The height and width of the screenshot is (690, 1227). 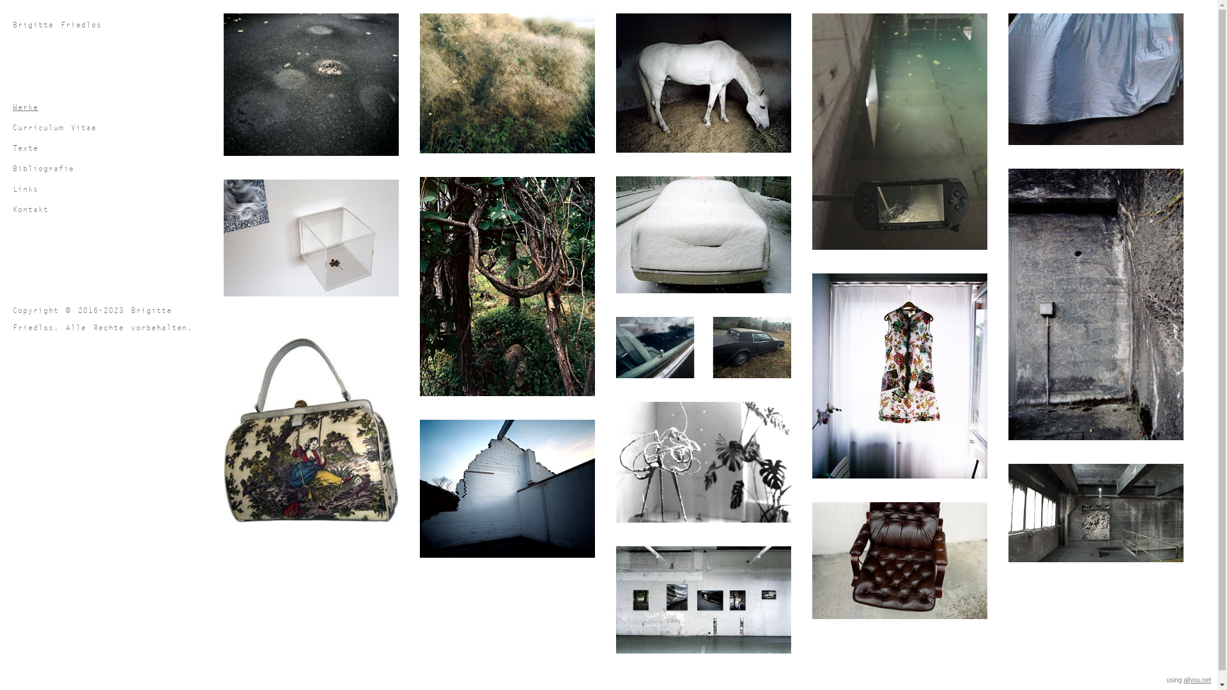 I want to click on 'Kontakt', so click(x=115, y=208).